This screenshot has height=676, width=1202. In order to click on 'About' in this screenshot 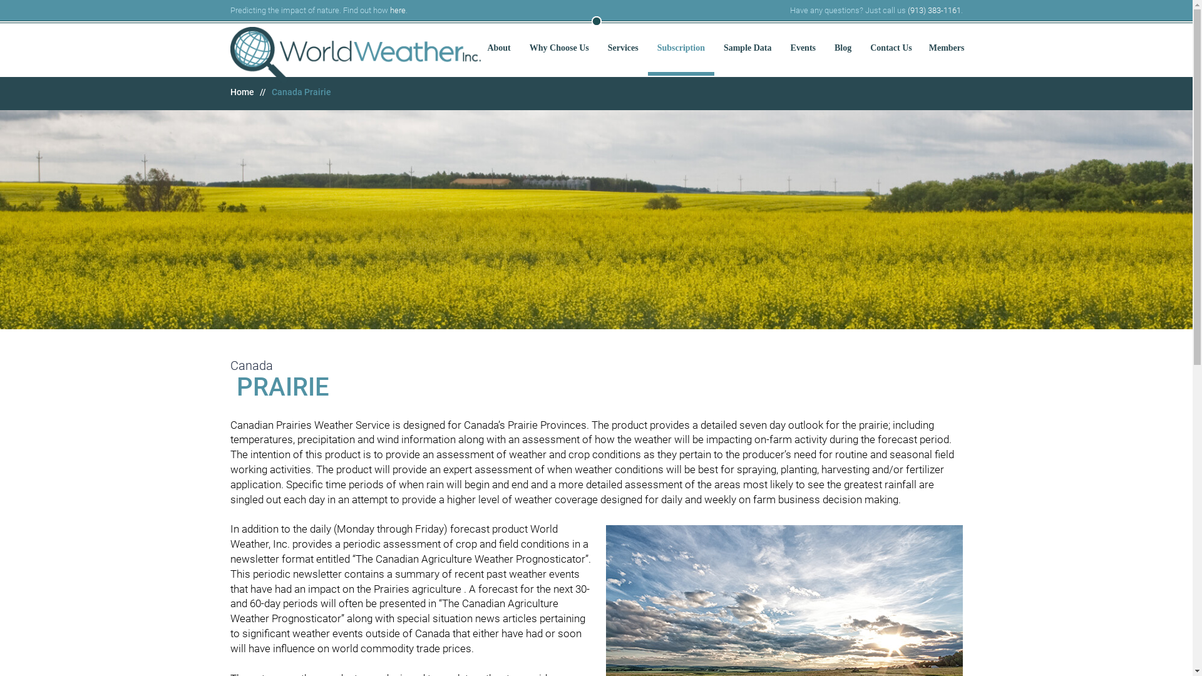, I will do `click(498, 47)`.